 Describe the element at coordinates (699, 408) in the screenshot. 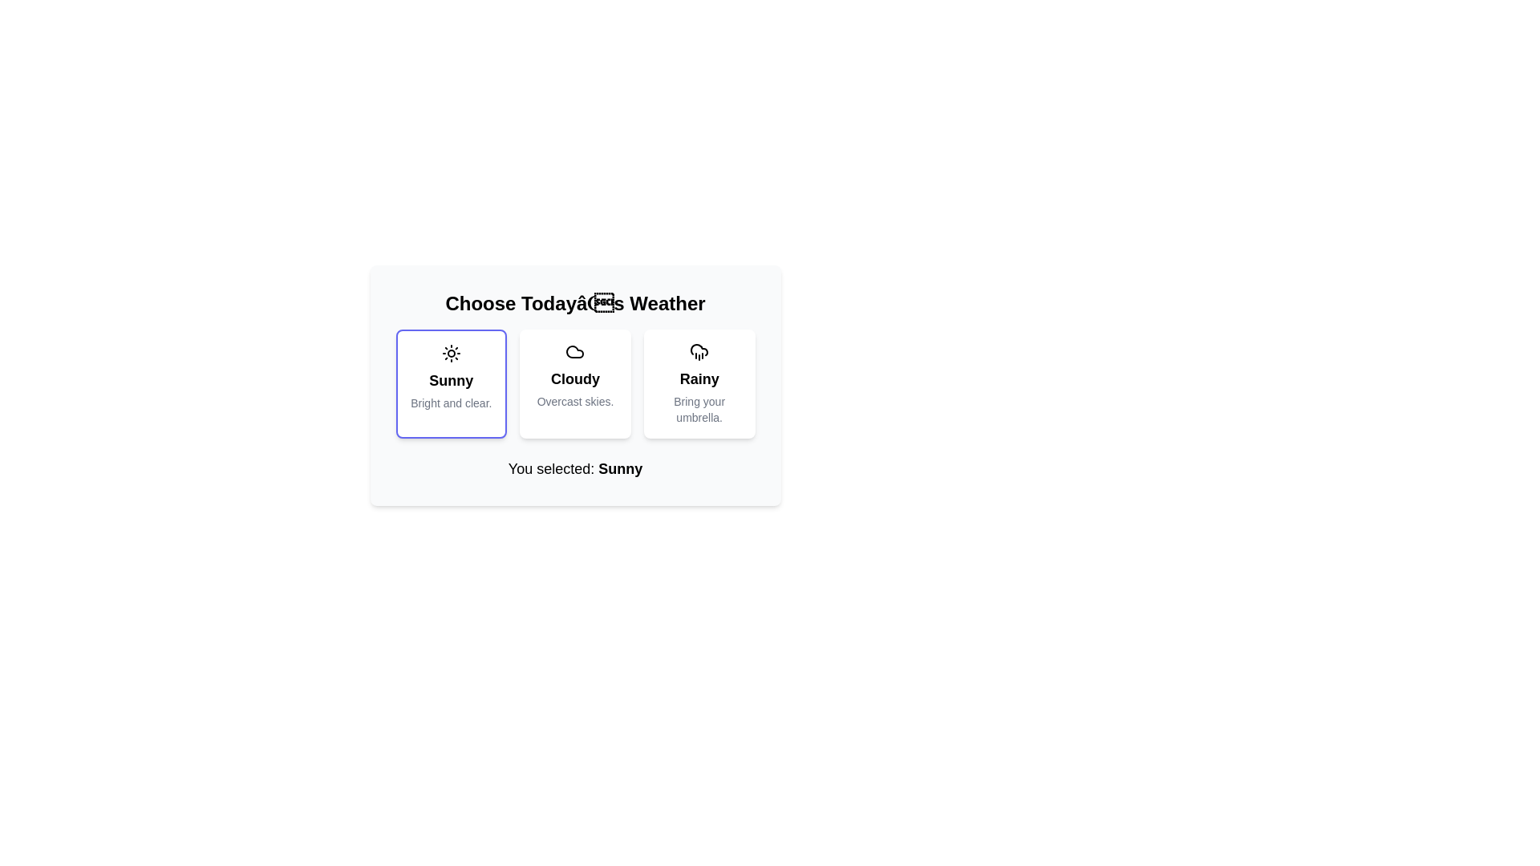

I see `text content of the descriptive label located below the title of the 'Rainy' card, which suggests carrying an umbrella in rainy weather` at that location.